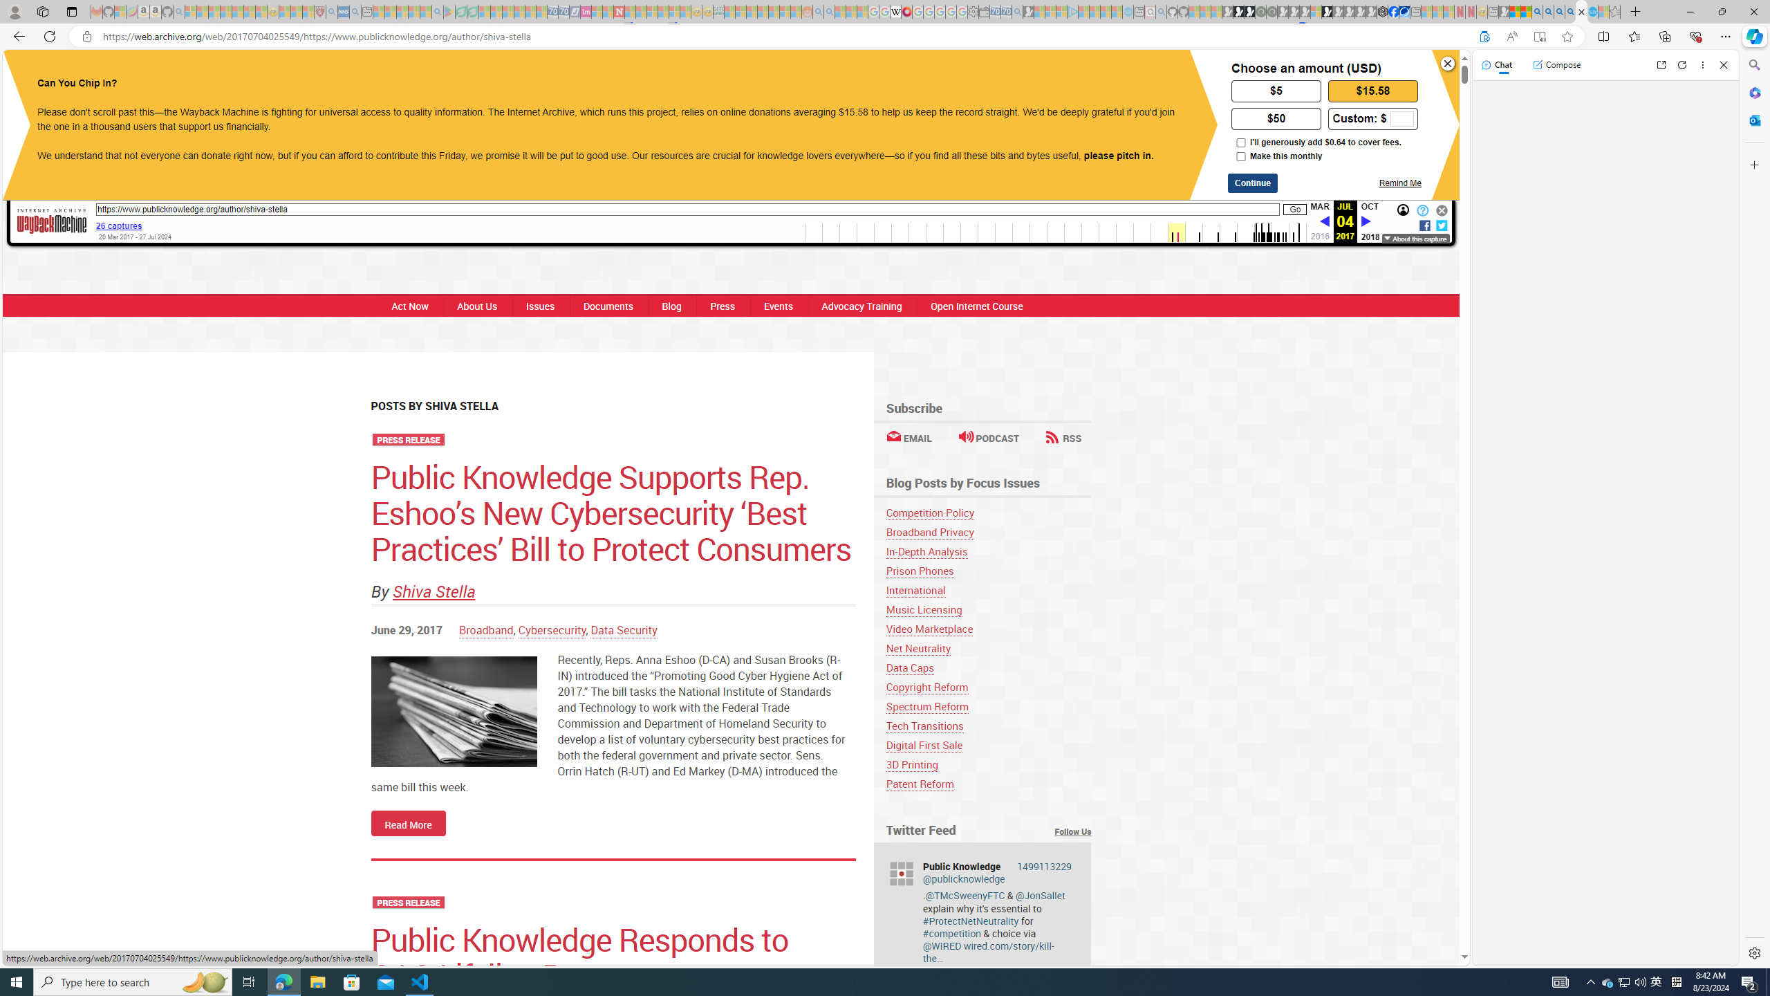 The image size is (1770, 996). What do you see at coordinates (1372, 117) in the screenshot?
I see `'Custom: $'` at bounding box center [1372, 117].